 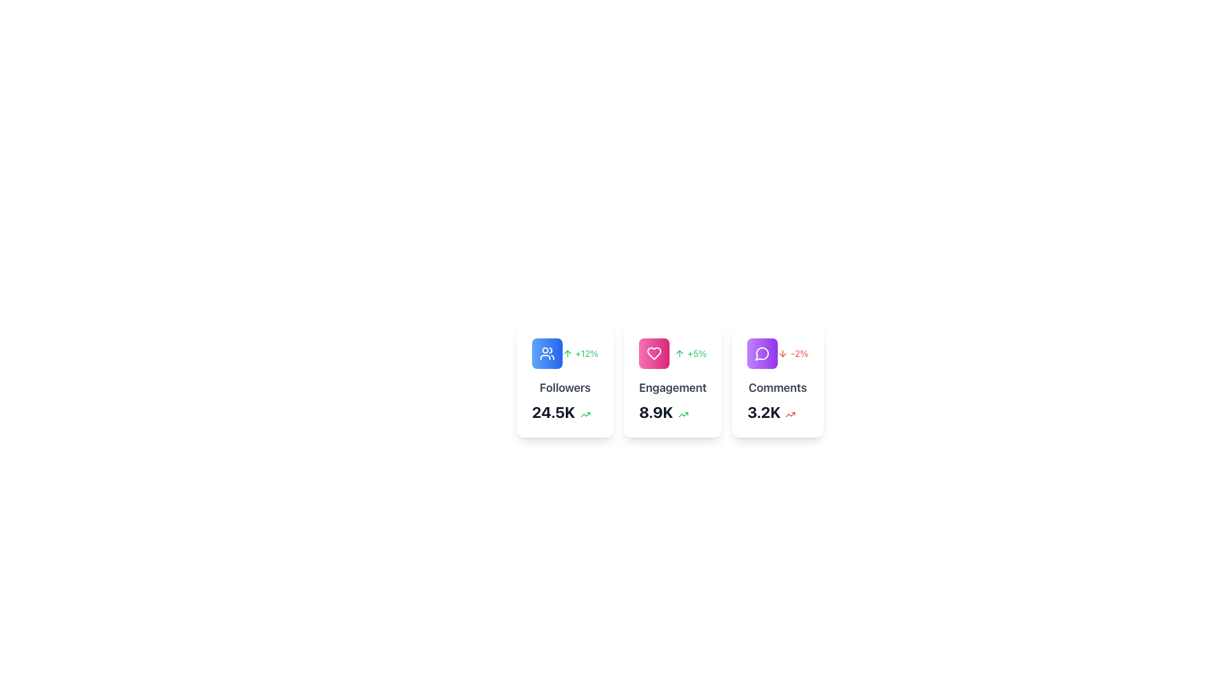 I want to click on the visual indicator bar located at the bottom of the card displaying the 'Followers' statistic, so click(x=565, y=436).